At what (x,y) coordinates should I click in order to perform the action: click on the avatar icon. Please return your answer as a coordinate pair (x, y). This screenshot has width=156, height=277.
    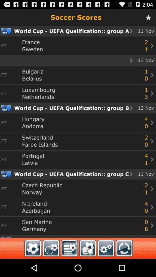
    Looking at the image, I should click on (87, 266).